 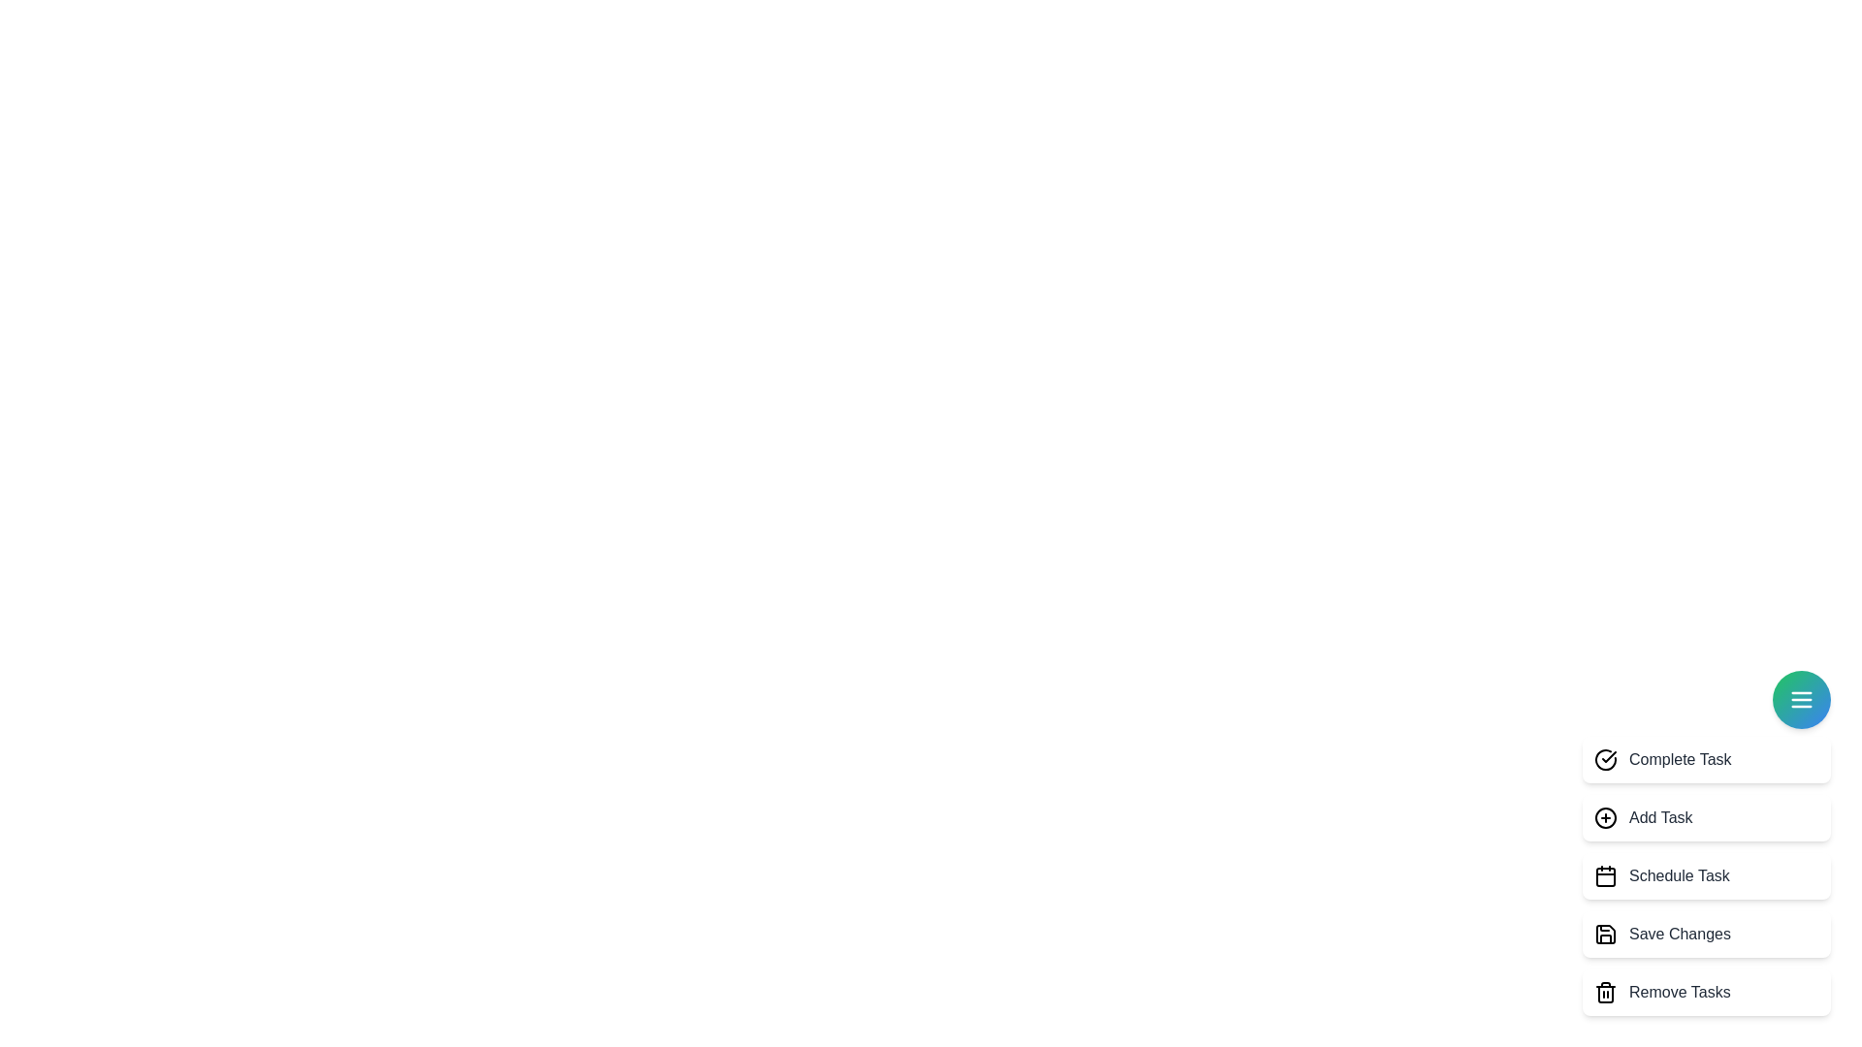 I want to click on the task option labeled 'Complete Task' to select it, so click(x=1707, y=758).